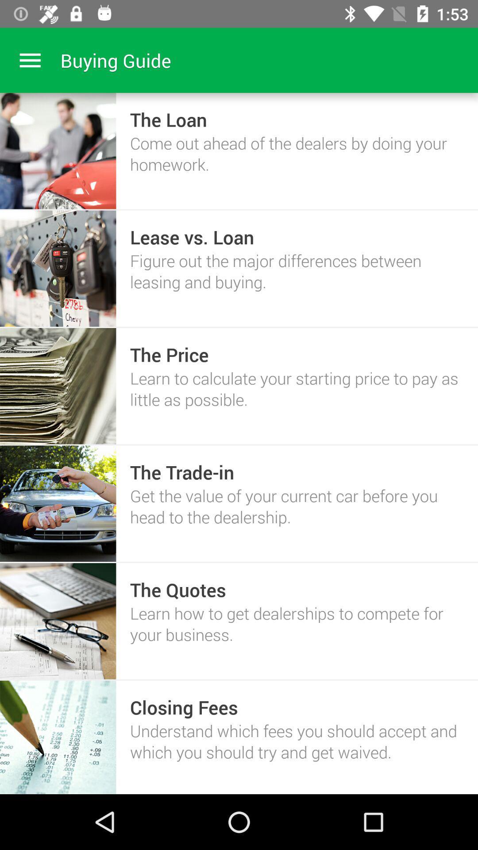 This screenshot has height=850, width=478. I want to click on item below come out ahead, so click(192, 237).